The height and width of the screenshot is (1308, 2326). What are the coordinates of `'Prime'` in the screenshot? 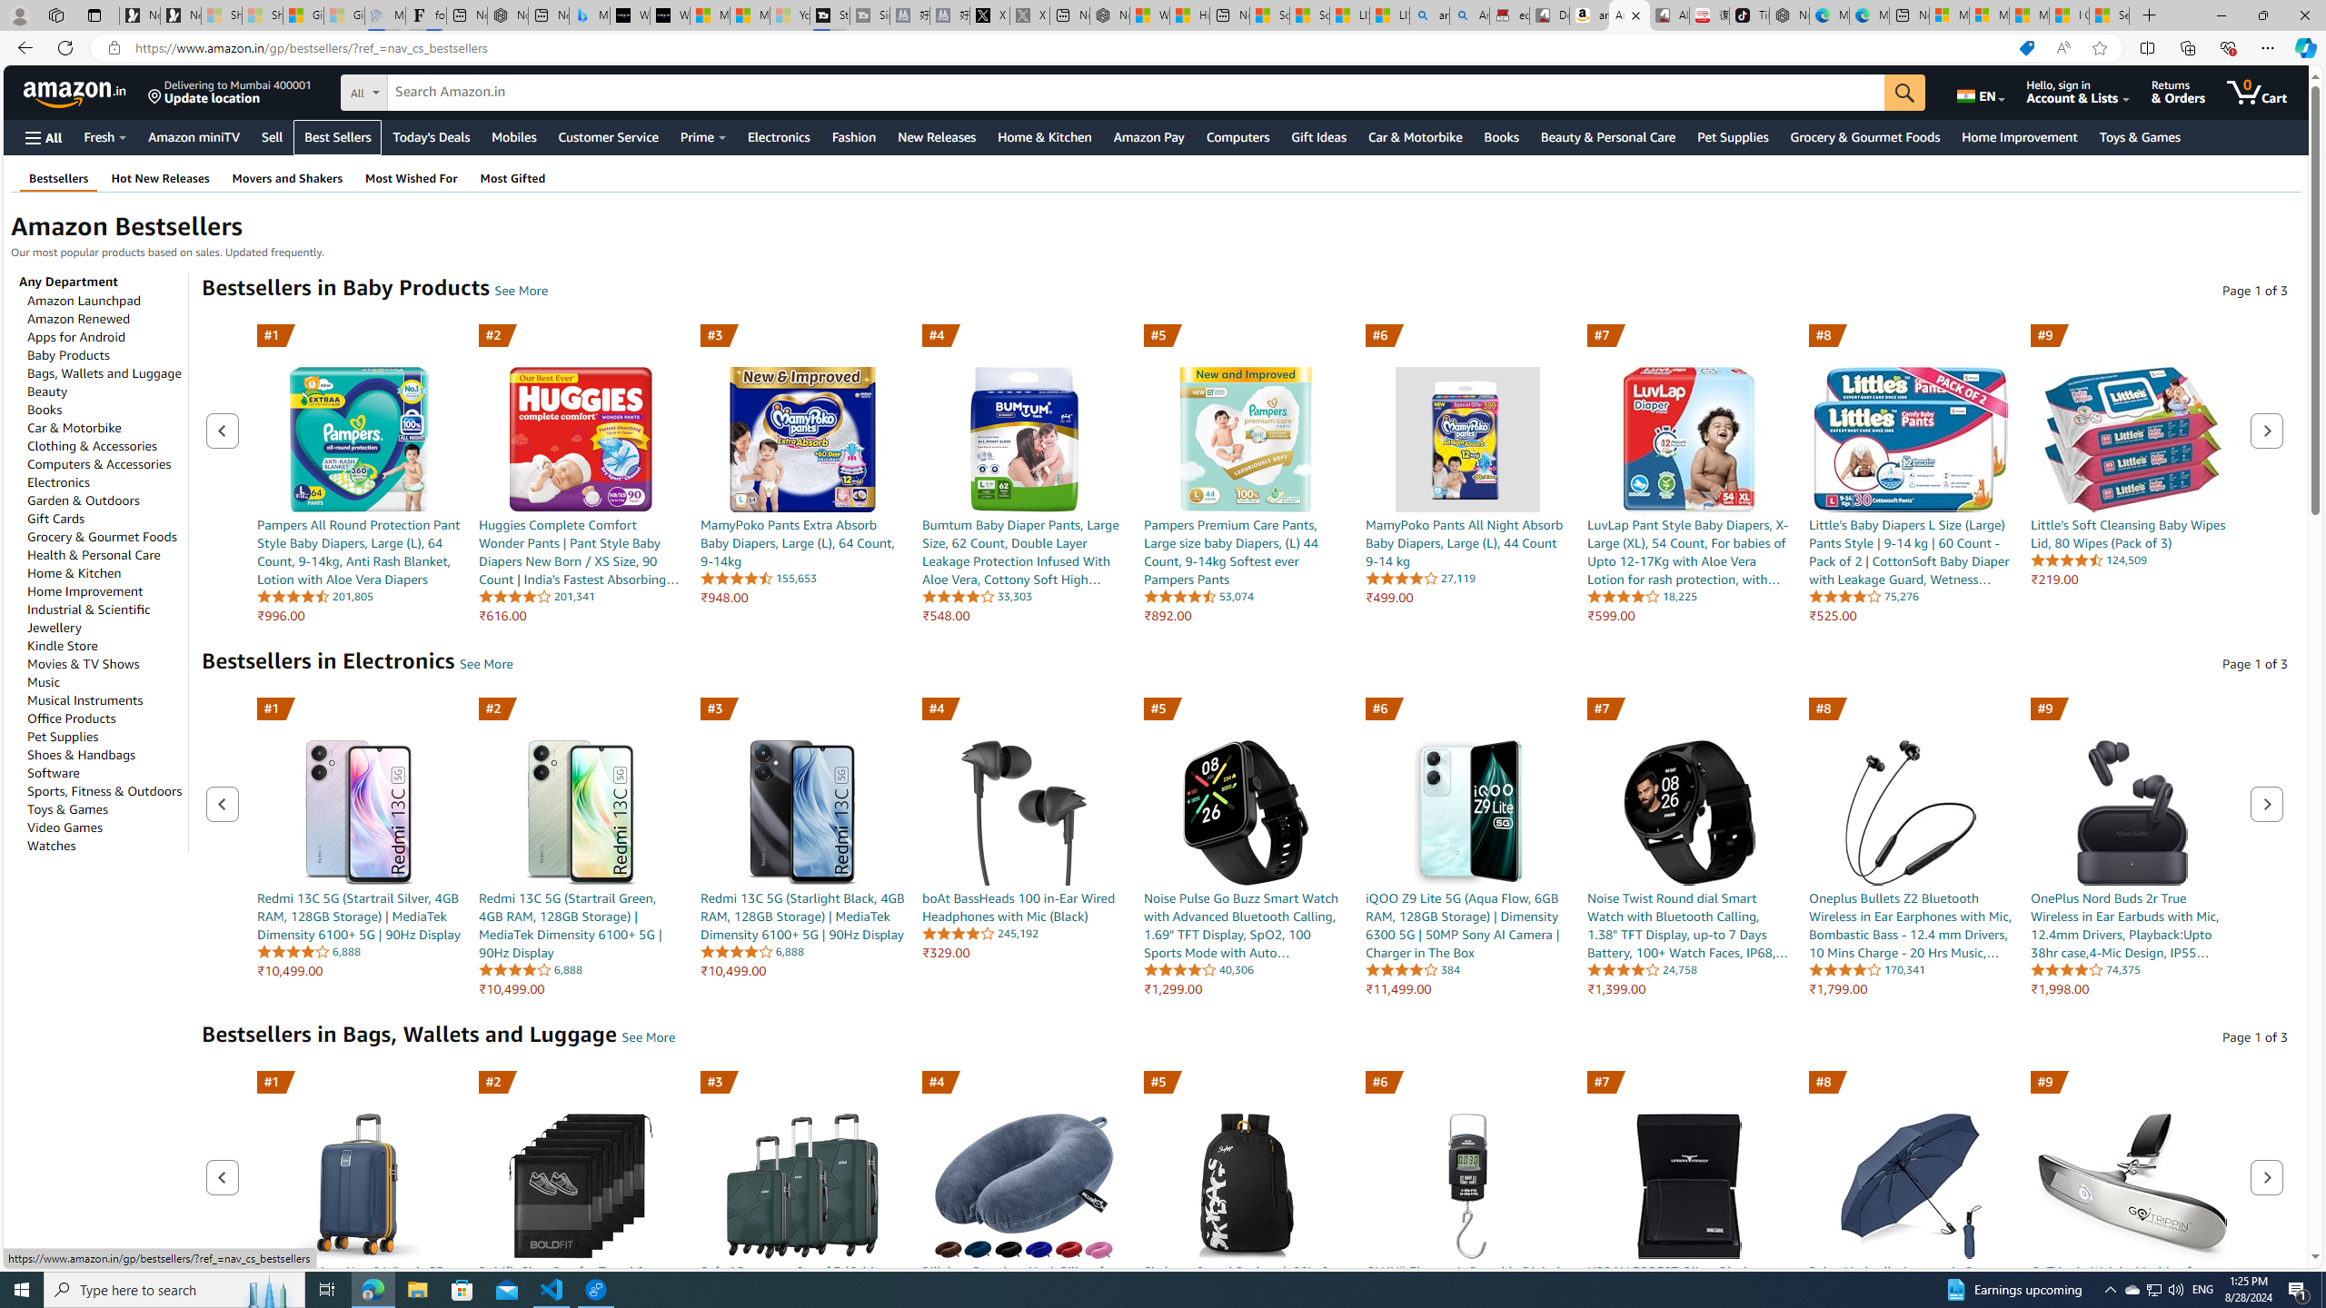 It's located at (703, 136).